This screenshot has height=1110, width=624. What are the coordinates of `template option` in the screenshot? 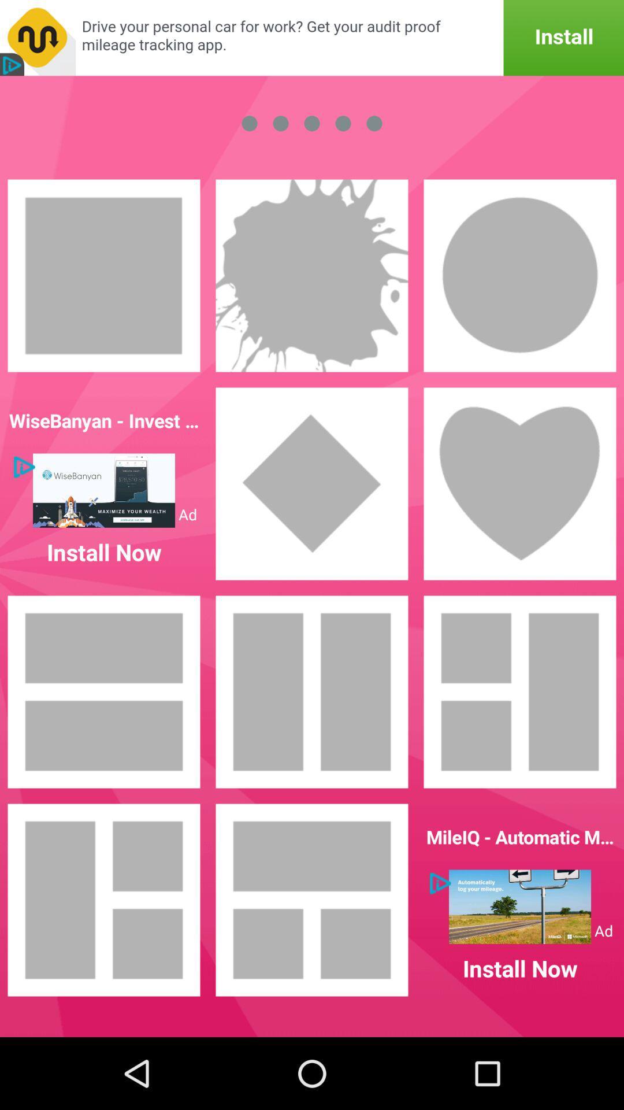 It's located at (104, 899).